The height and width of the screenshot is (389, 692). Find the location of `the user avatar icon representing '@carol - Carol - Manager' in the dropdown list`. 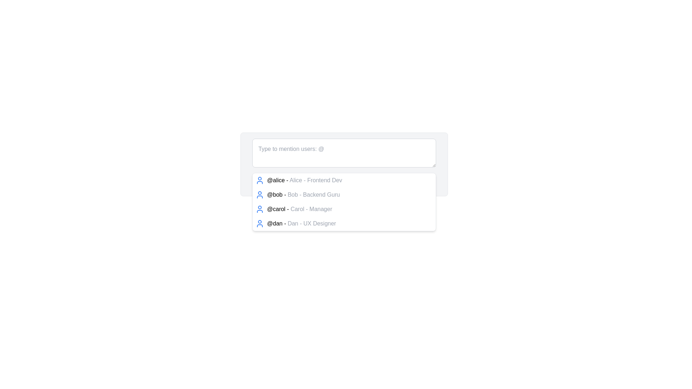

the user avatar icon representing '@carol - Carol - Manager' in the dropdown list is located at coordinates (259, 209).